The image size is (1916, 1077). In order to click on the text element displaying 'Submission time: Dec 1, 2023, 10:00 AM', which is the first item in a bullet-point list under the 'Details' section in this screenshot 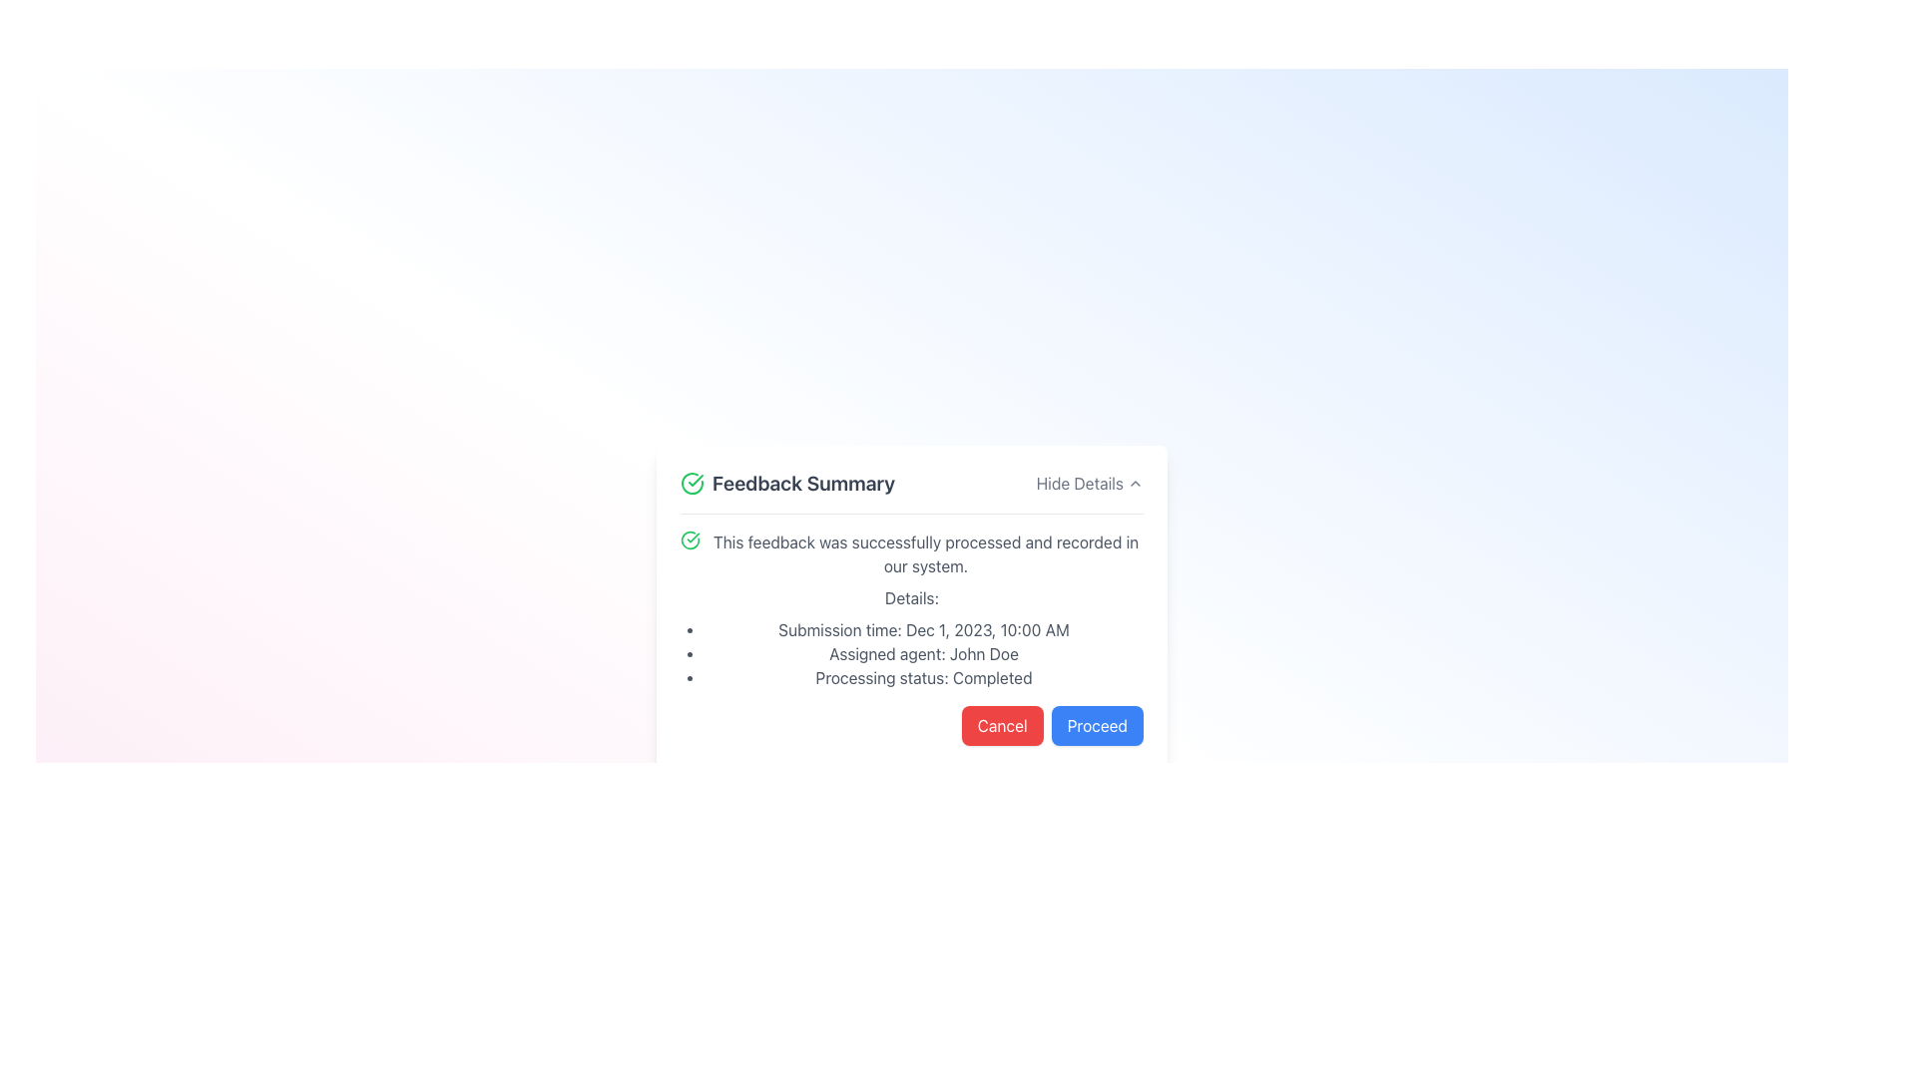, I will do `click(923, 629)`.